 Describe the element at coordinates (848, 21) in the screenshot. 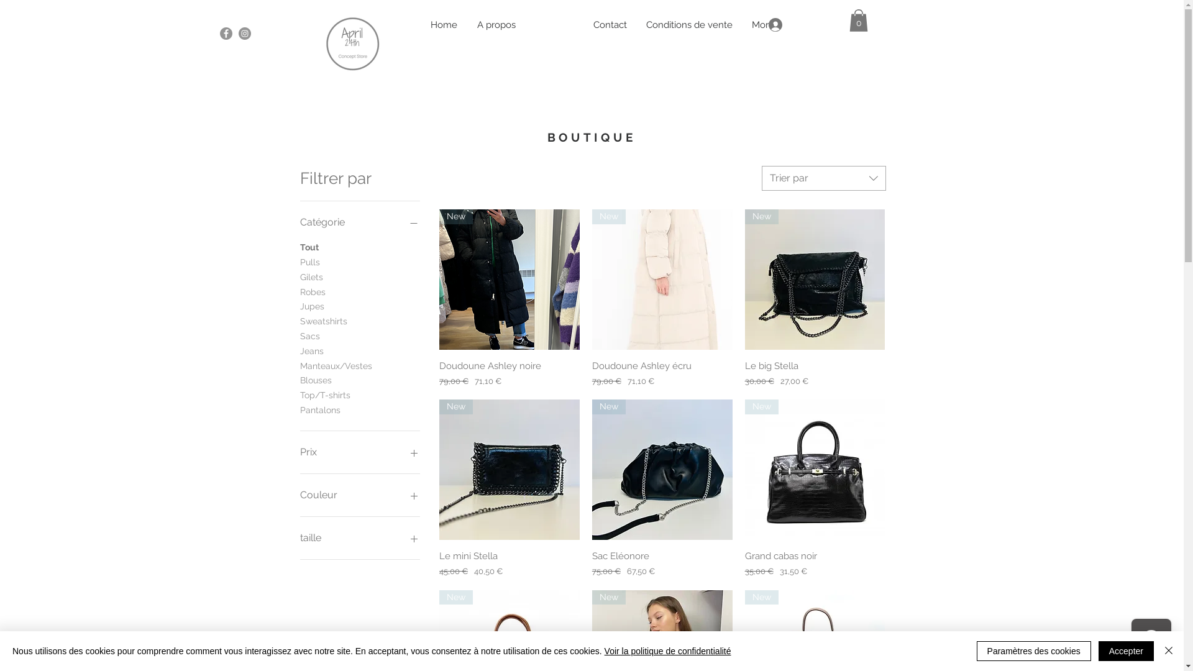

I see `'0'` at that location.